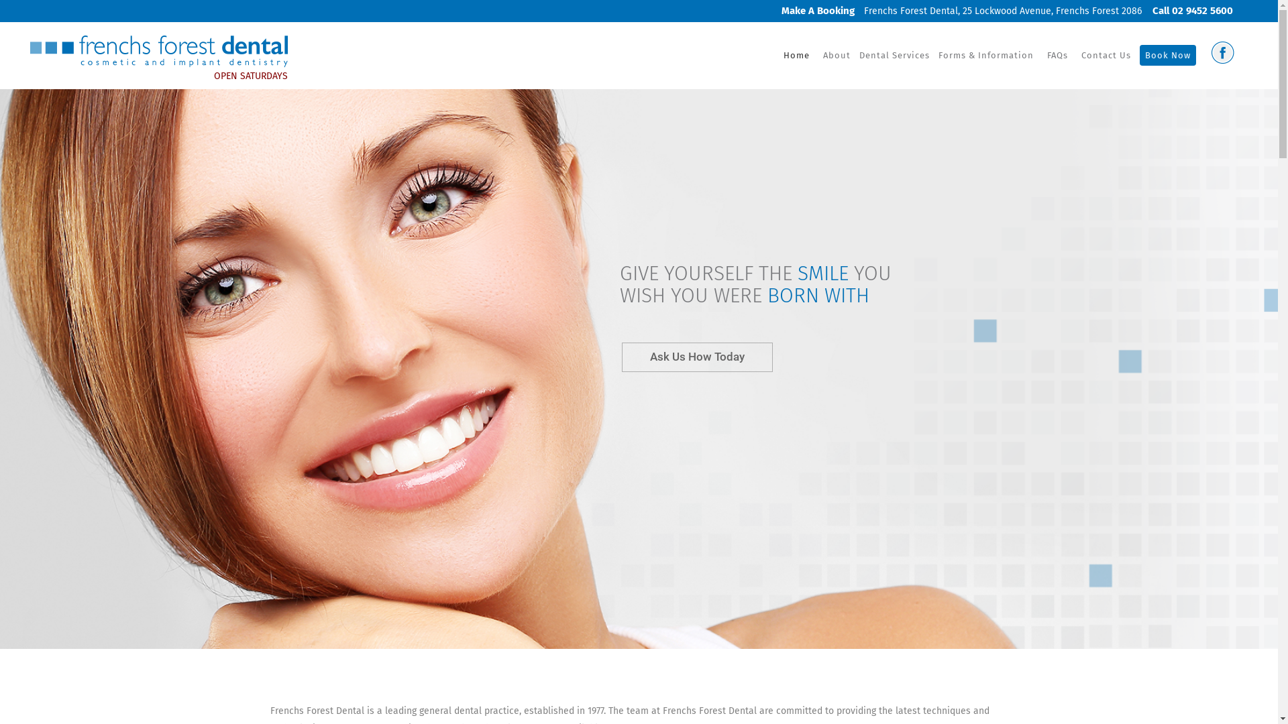 The image size is (1288, 724). I want to click on 'Home', so click(796, 55).